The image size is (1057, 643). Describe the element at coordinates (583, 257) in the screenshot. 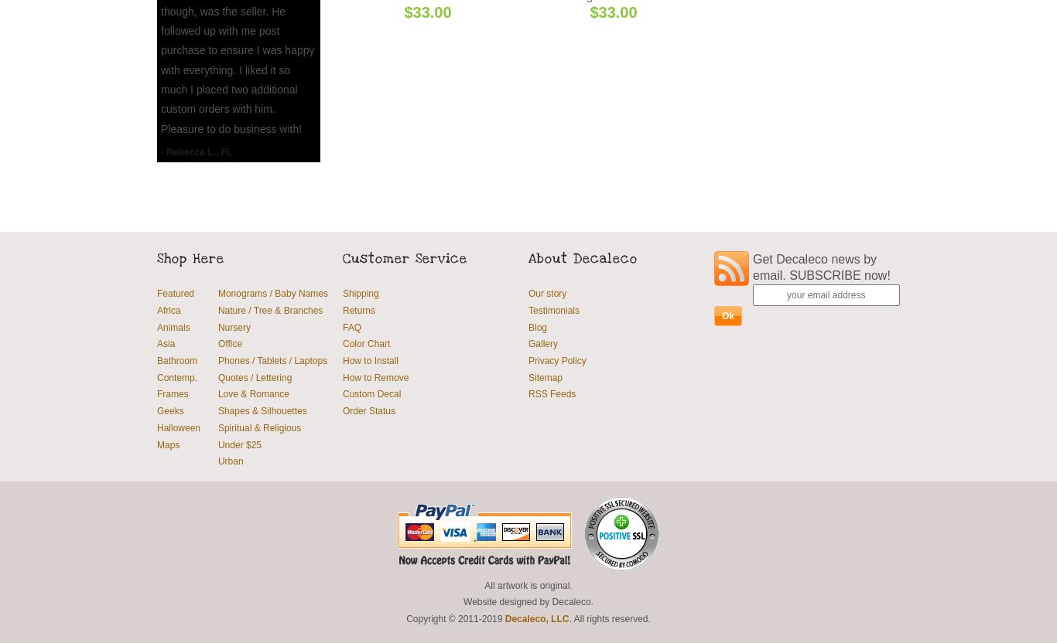

I see `'About Decaleco'` at that location.